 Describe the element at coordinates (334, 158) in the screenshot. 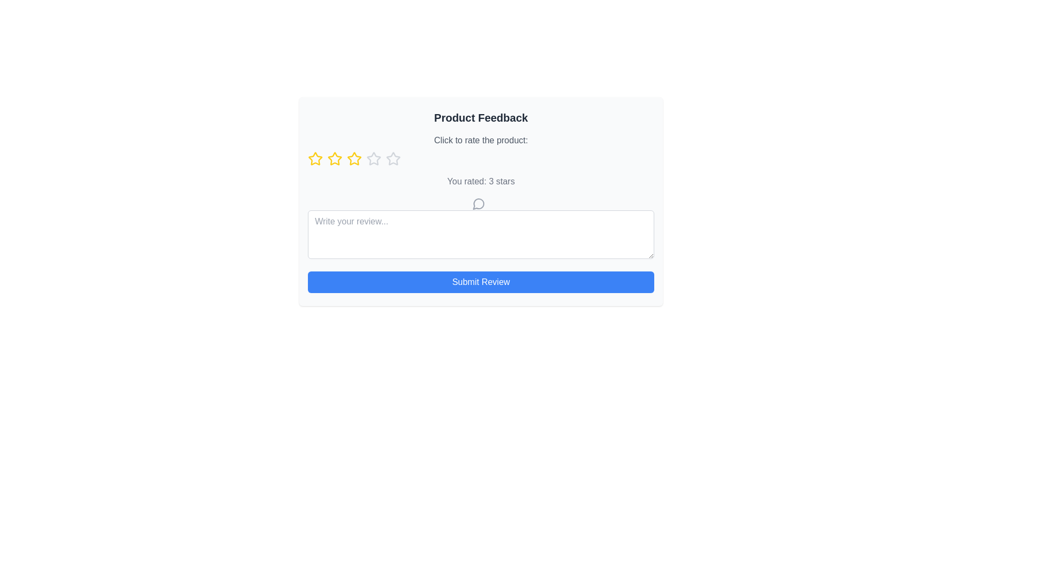

I see `the third star icon in the rating system` at that location.